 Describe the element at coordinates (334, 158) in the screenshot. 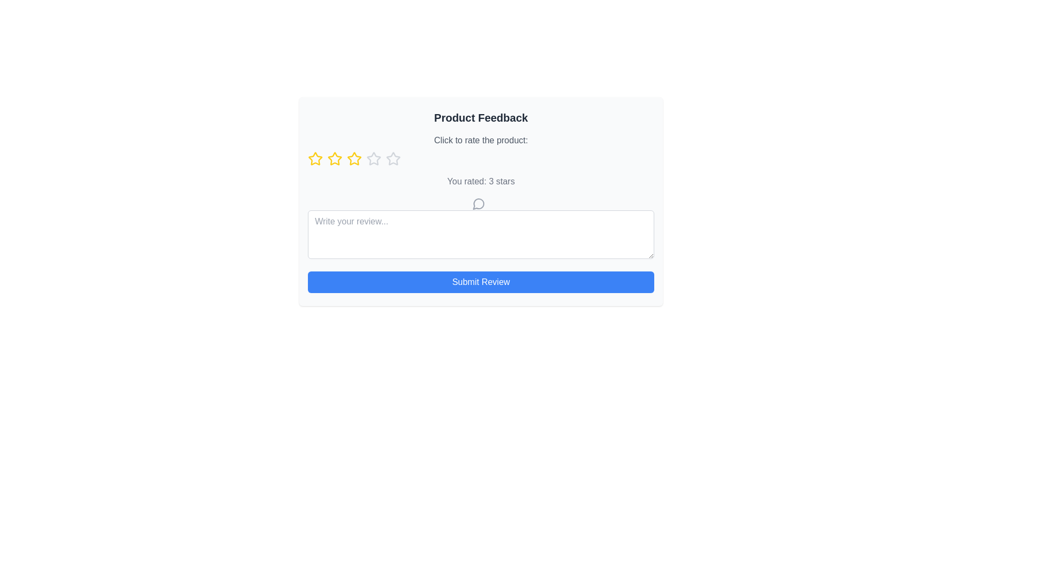

I see `the third star icon in the rating system` at that location.